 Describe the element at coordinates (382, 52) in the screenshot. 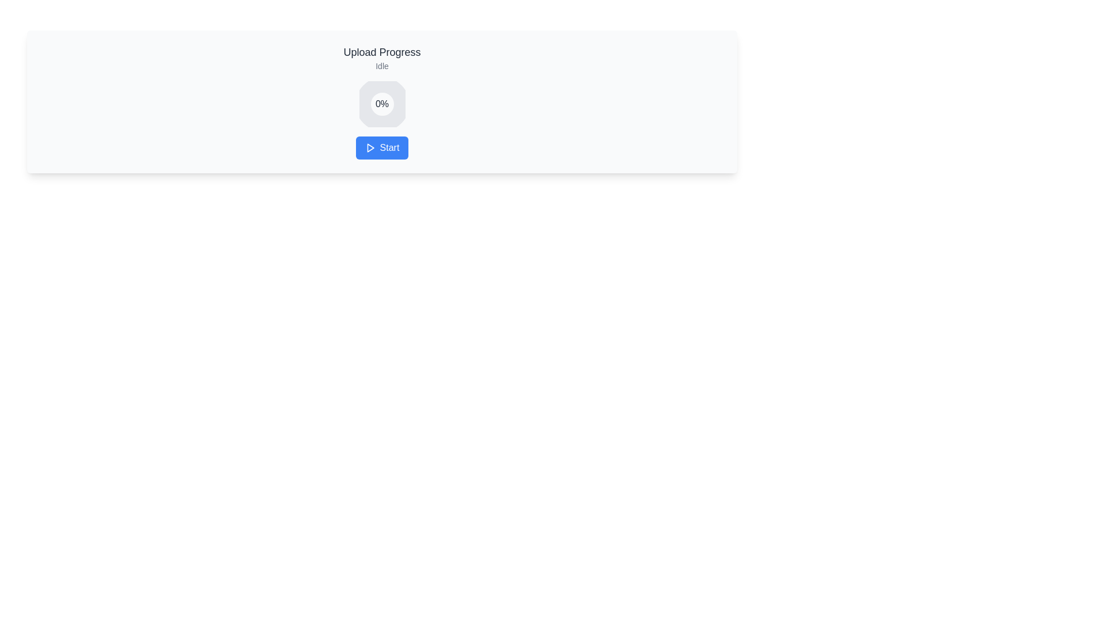

I see `the static text label displaying 'Upload Progress', which is bold, gray, and prominently positioned at the top-center of the section` at that location.